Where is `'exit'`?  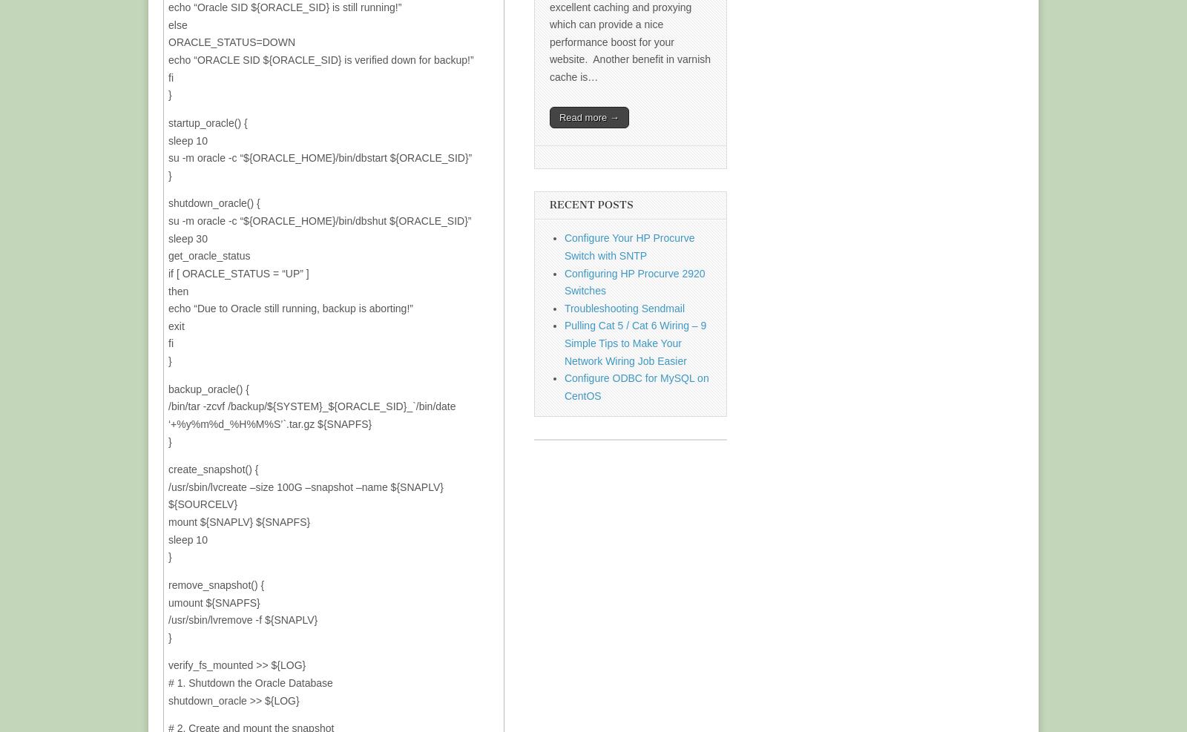 'exit' is located at coordinates (176, 325).